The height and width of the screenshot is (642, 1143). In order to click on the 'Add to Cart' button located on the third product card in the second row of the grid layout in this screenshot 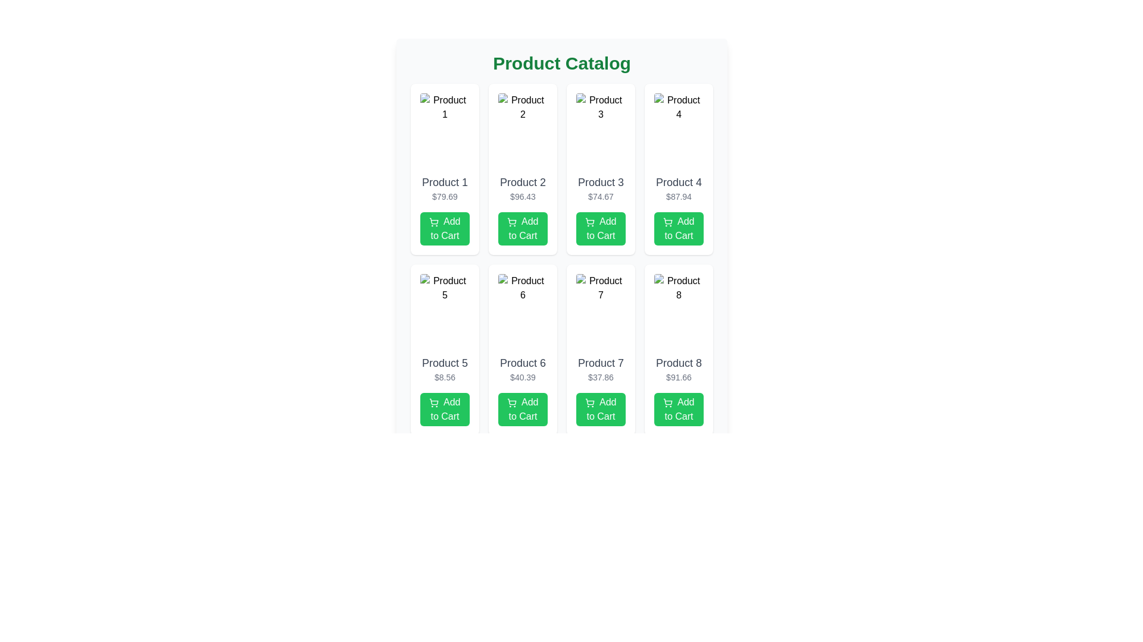, I will do `click(601, 350)`.